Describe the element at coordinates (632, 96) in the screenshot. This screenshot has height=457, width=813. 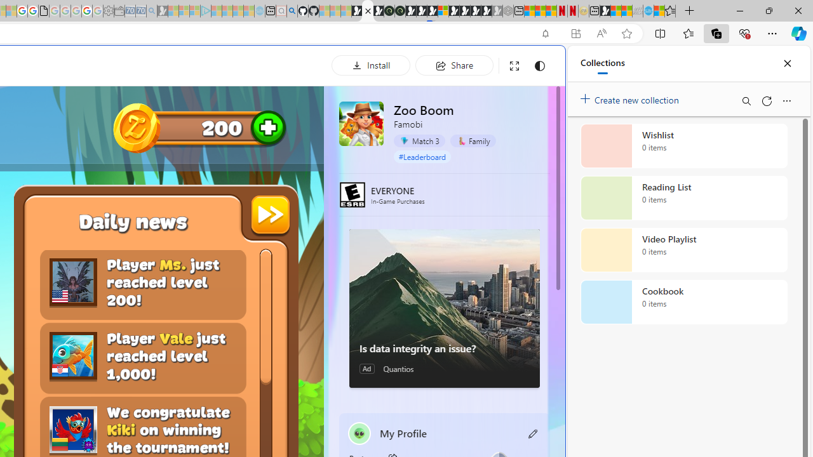
I see `'Create new collection'` at that location.